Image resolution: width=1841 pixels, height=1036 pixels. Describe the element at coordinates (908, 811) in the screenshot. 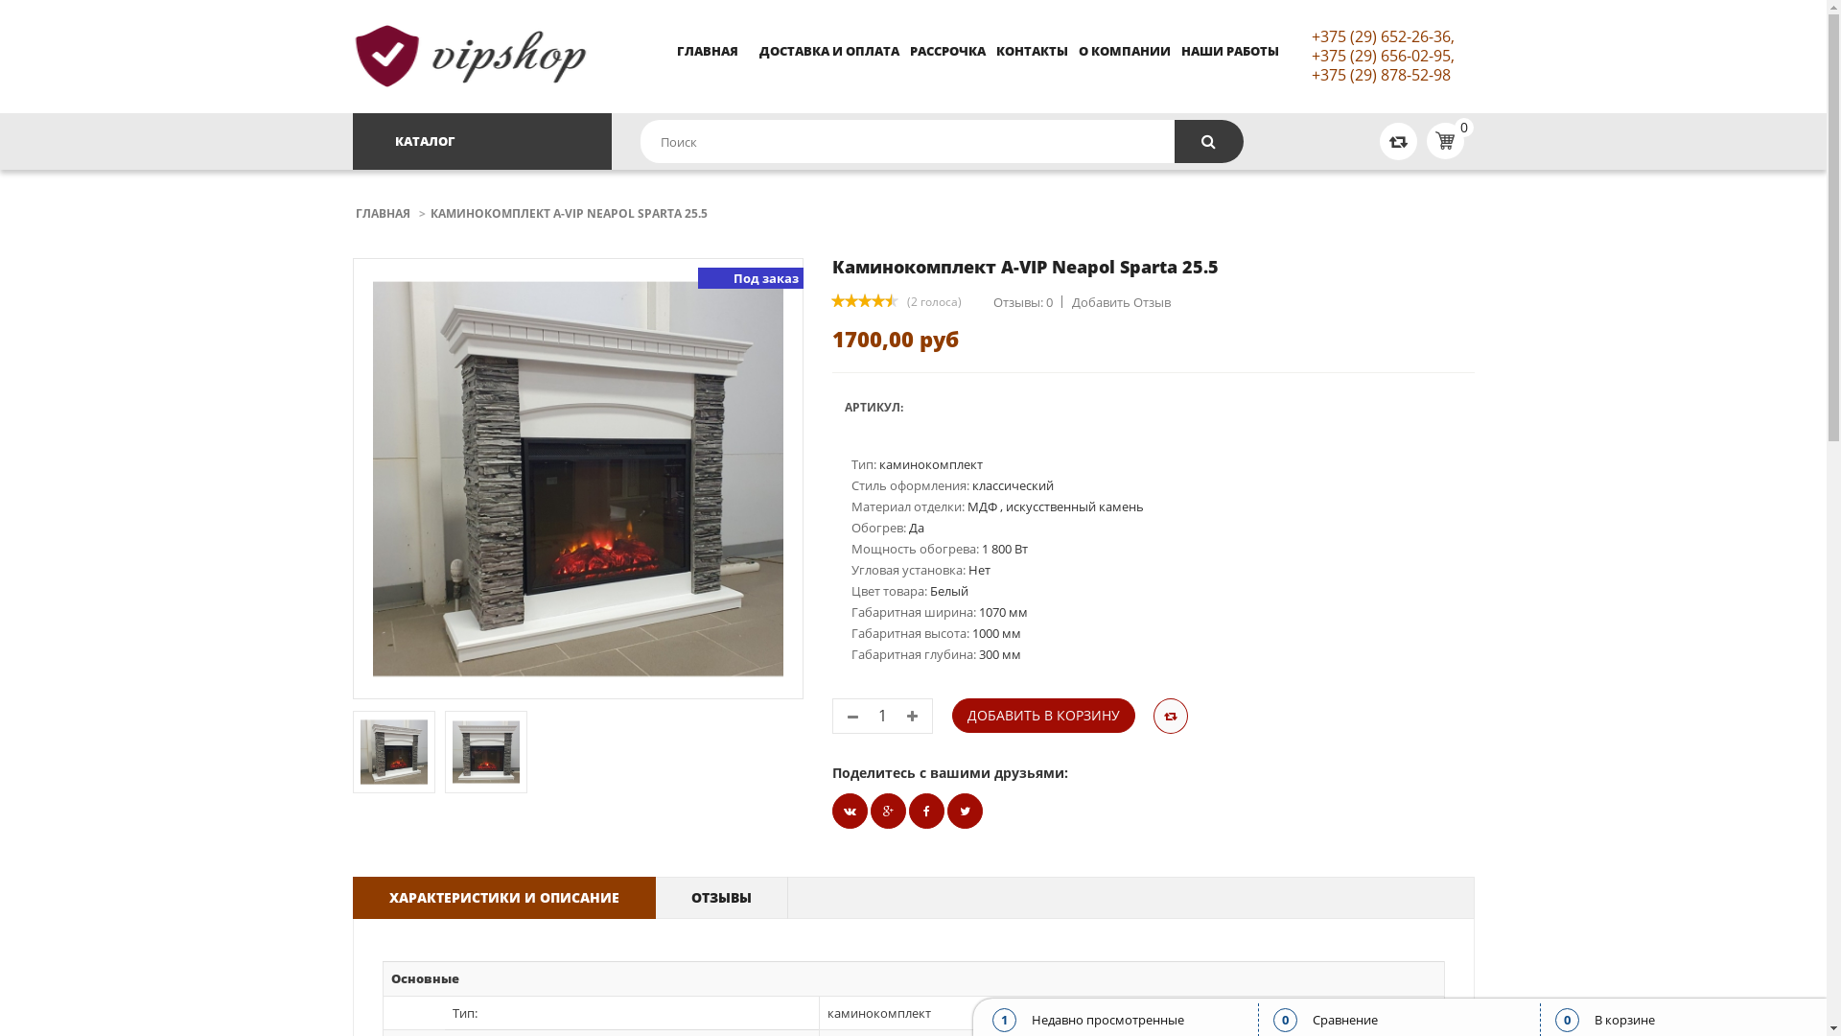

I see `'Facebook'` at that location.